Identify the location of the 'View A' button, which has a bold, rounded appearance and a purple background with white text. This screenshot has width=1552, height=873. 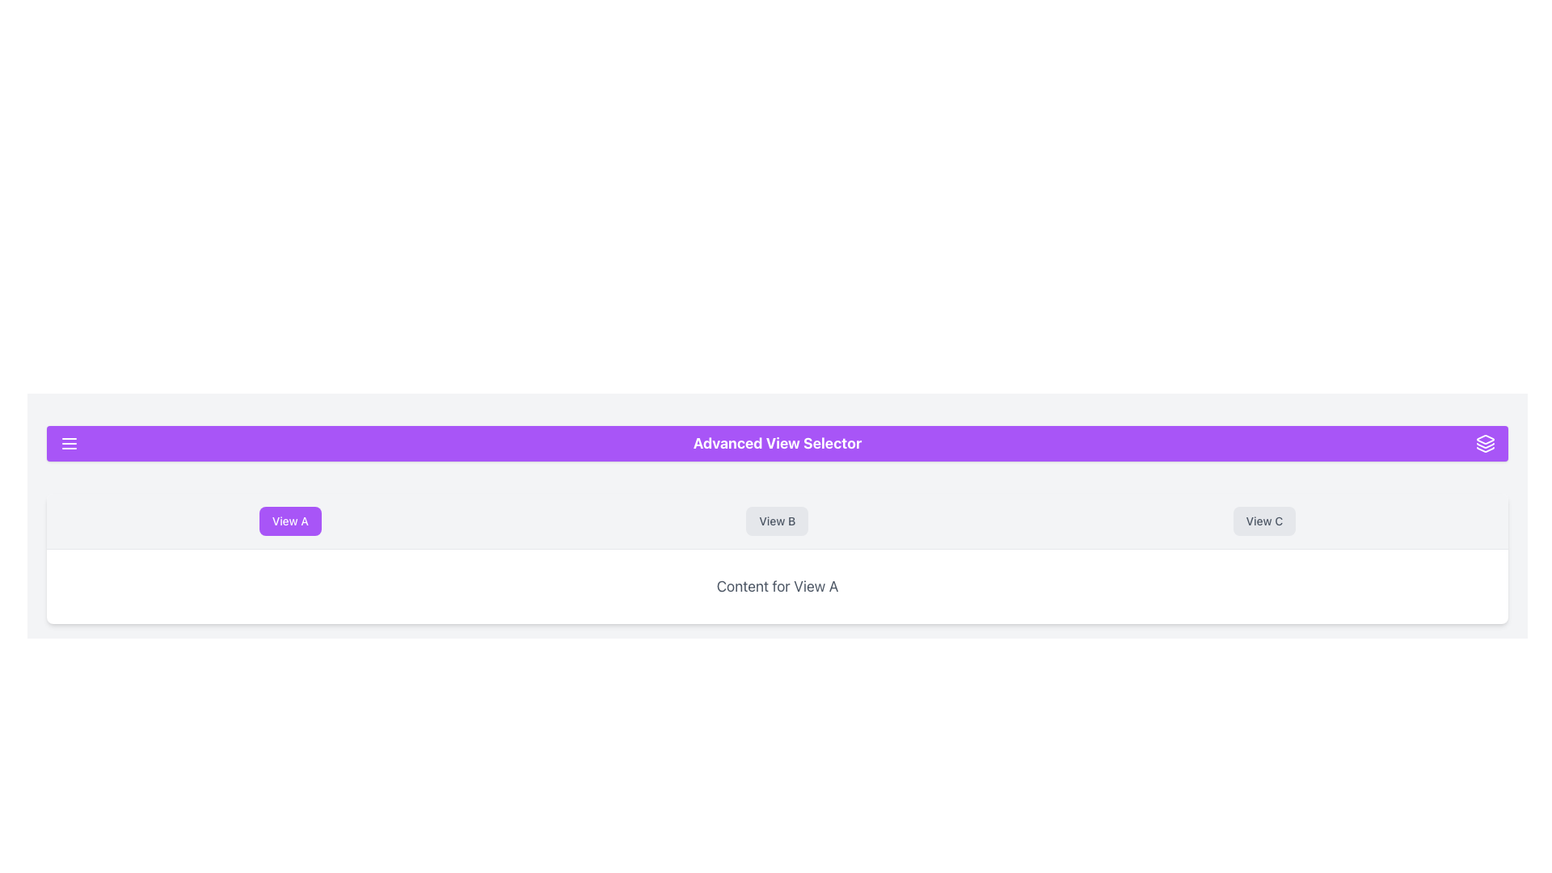
(290, 521).